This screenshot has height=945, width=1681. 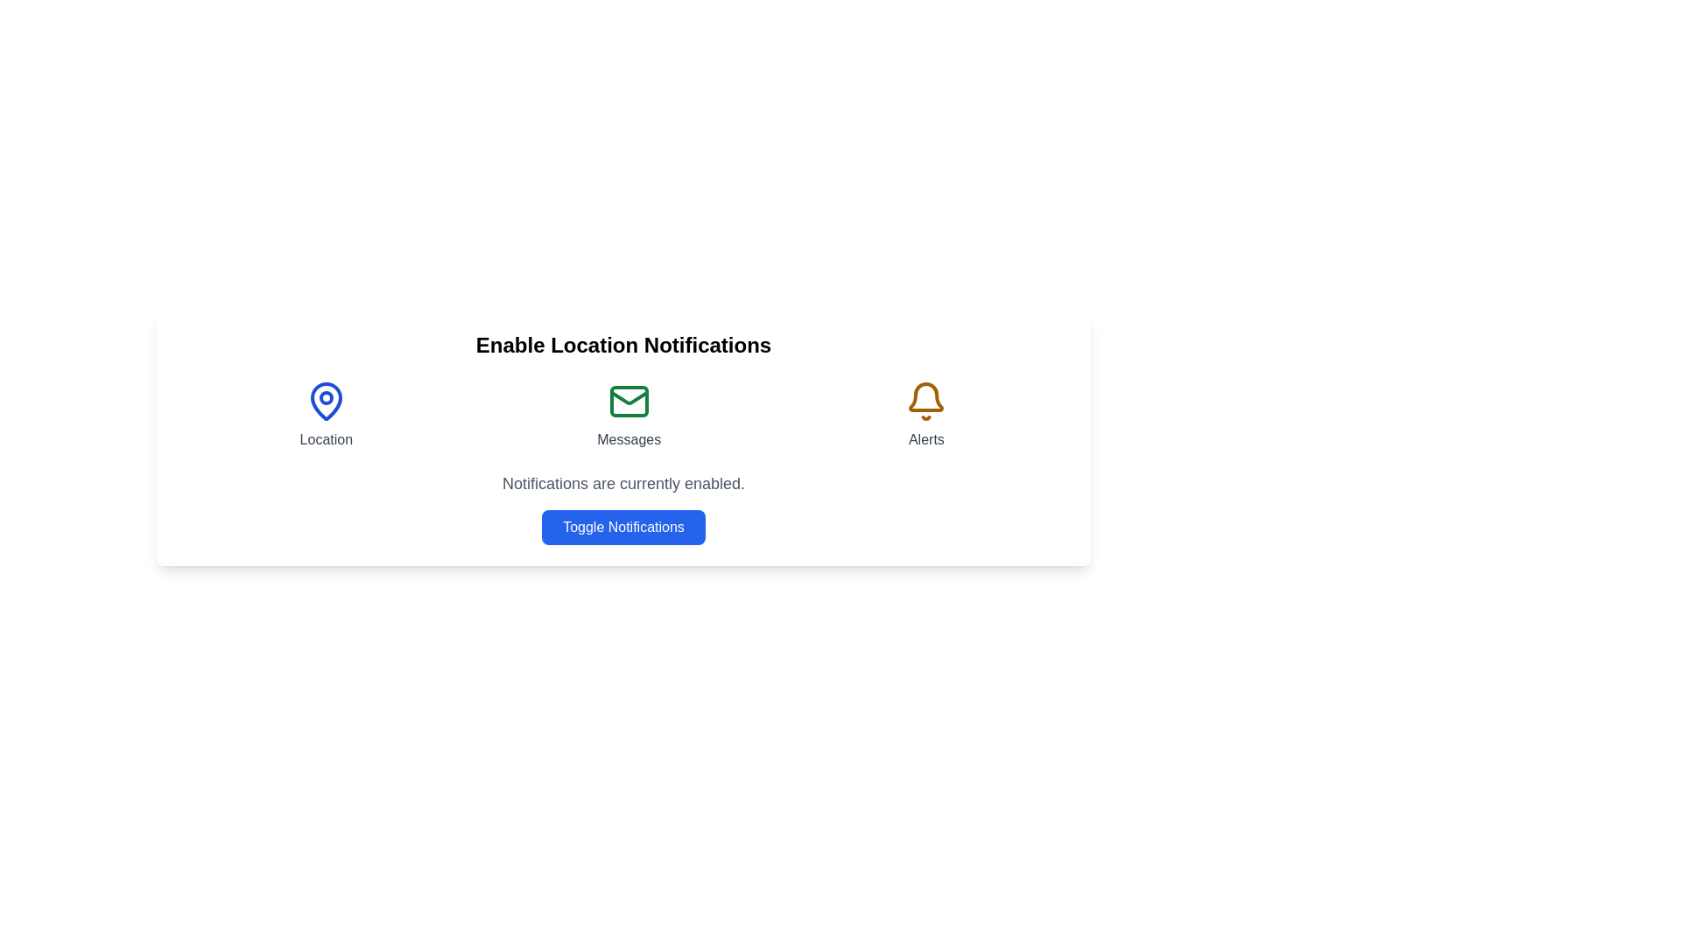 I want to click on the location services icon with label, which is the first item among three horizontally distributed siblings, so click(x=326, y=415).